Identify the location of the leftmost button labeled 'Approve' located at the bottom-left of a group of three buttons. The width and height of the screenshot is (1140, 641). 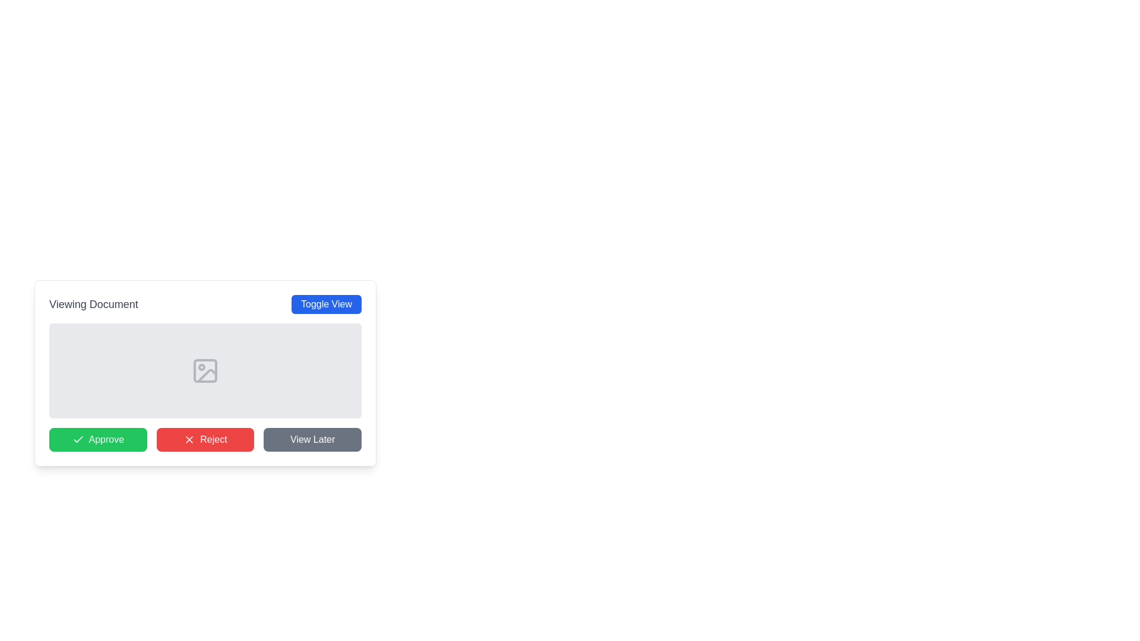
(98, 439).